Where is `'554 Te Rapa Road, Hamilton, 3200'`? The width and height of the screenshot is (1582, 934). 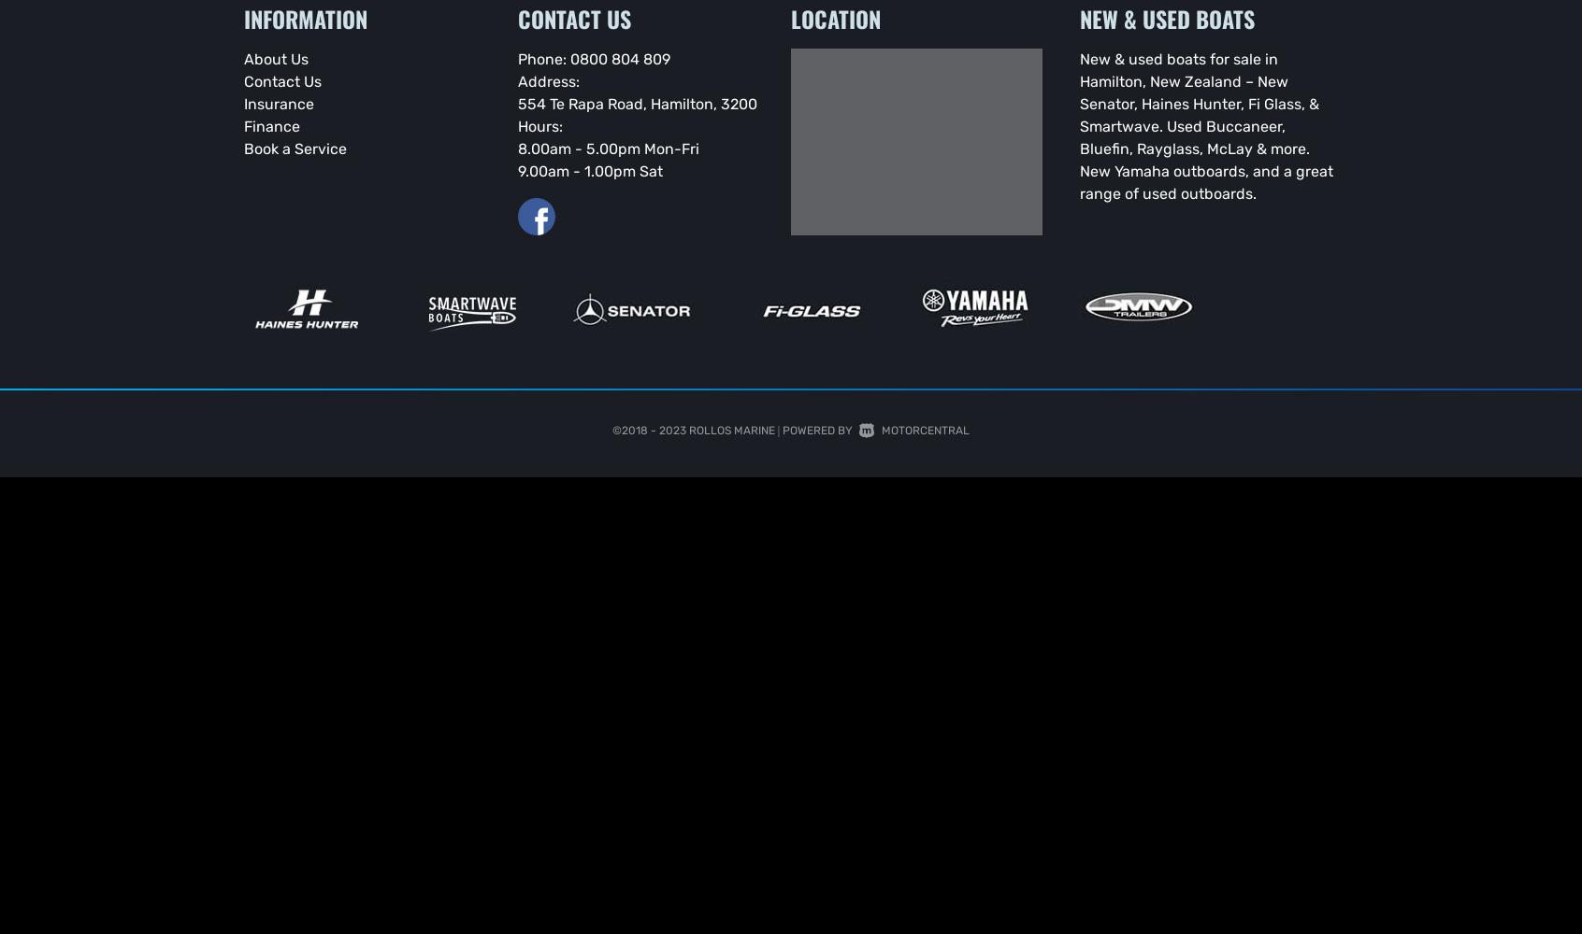 '554 Te Rapa Road, Hamilton, 3200' is located at coordinates (637, 102).